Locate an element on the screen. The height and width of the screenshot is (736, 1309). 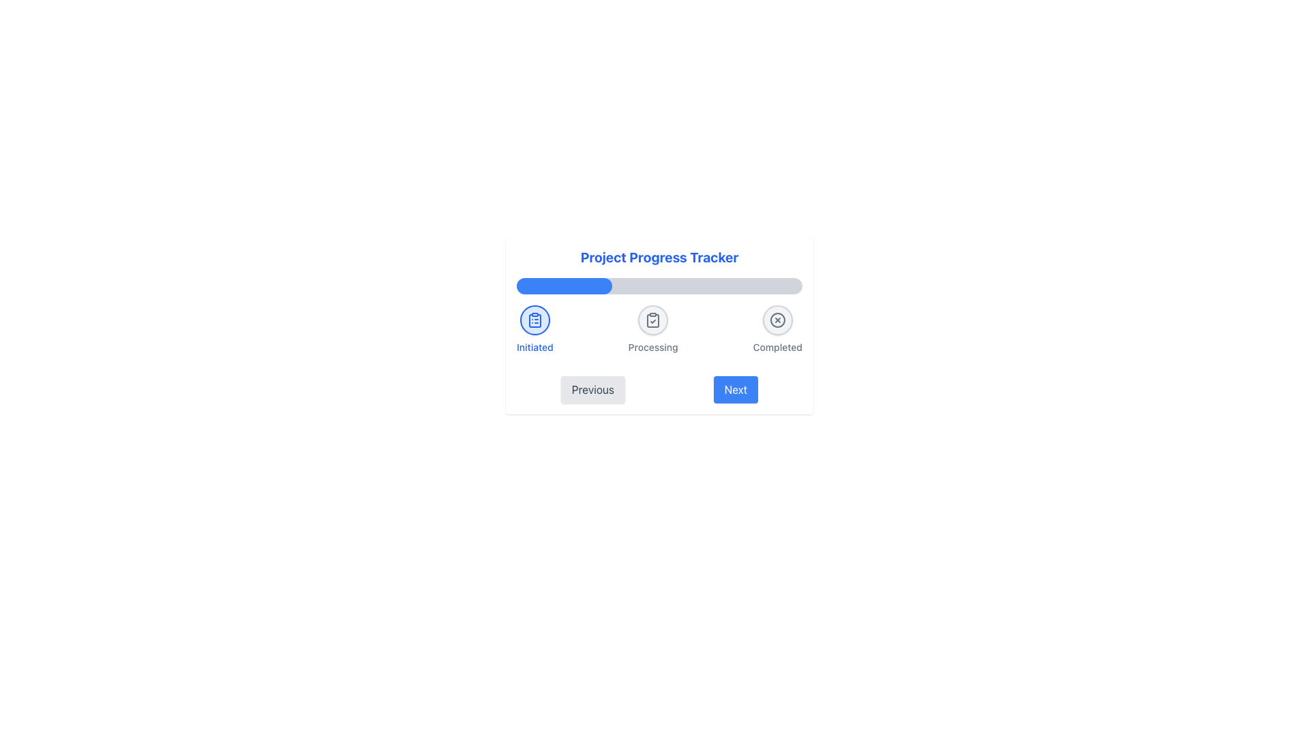
the third circular icon is located at coordinates (777, 320).